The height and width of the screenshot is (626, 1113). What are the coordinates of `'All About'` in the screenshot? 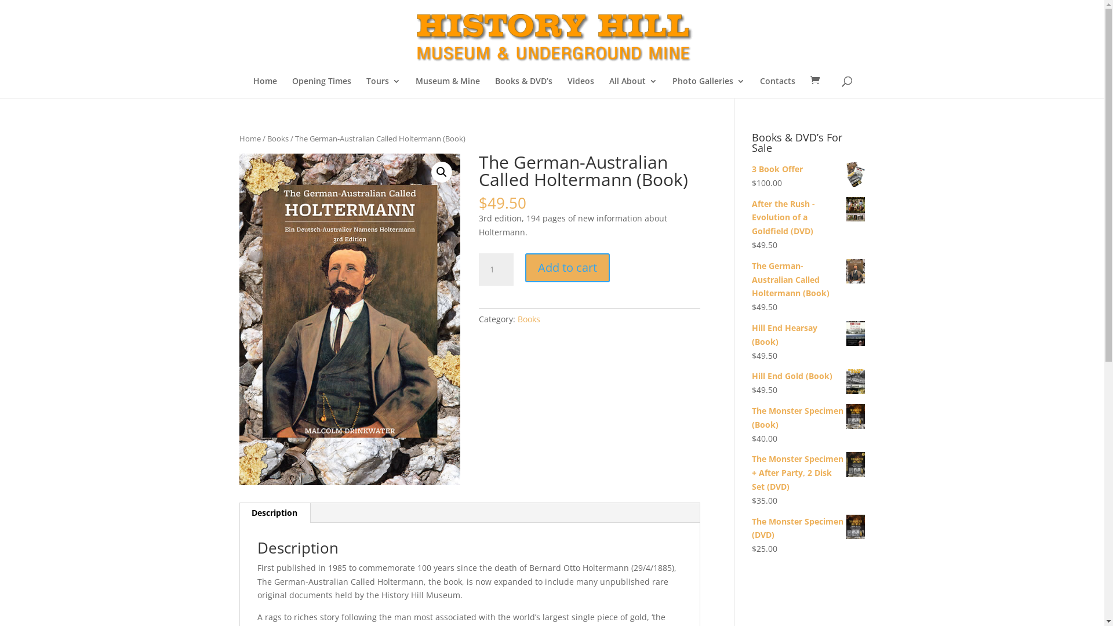 It's located at (632, 87).